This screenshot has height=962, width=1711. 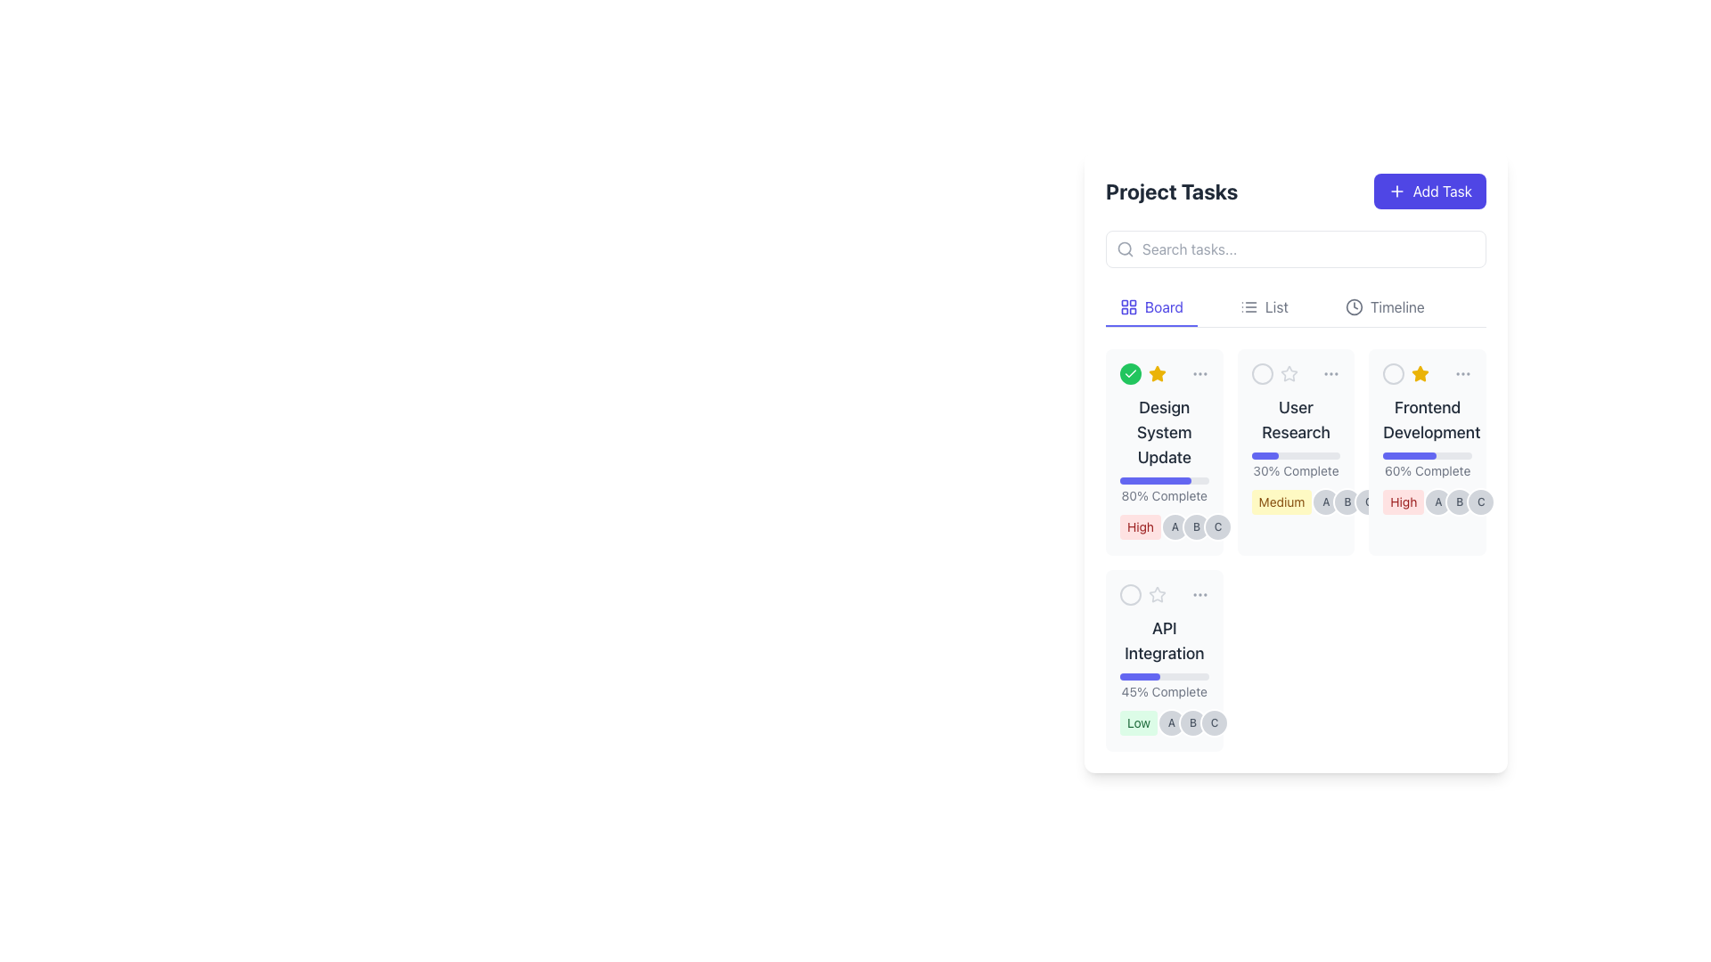 What do you see at coordinates (1393, 373) in the screenshot?
I see `the circular checkbox with a hollow center and gray outline` at bounding box center [1393, 373].